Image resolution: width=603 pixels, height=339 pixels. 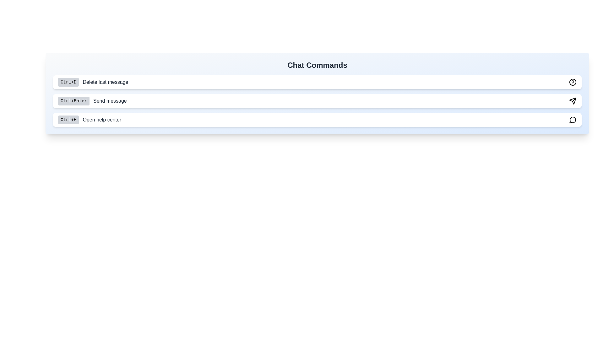 I want to click on keyboard shortcut 'Ctrl+D' associated with the action 'Delete last message' from the horizontal layout containing text labels, which is positioned at the top of the chat commands list, so click(x=93, y=82).